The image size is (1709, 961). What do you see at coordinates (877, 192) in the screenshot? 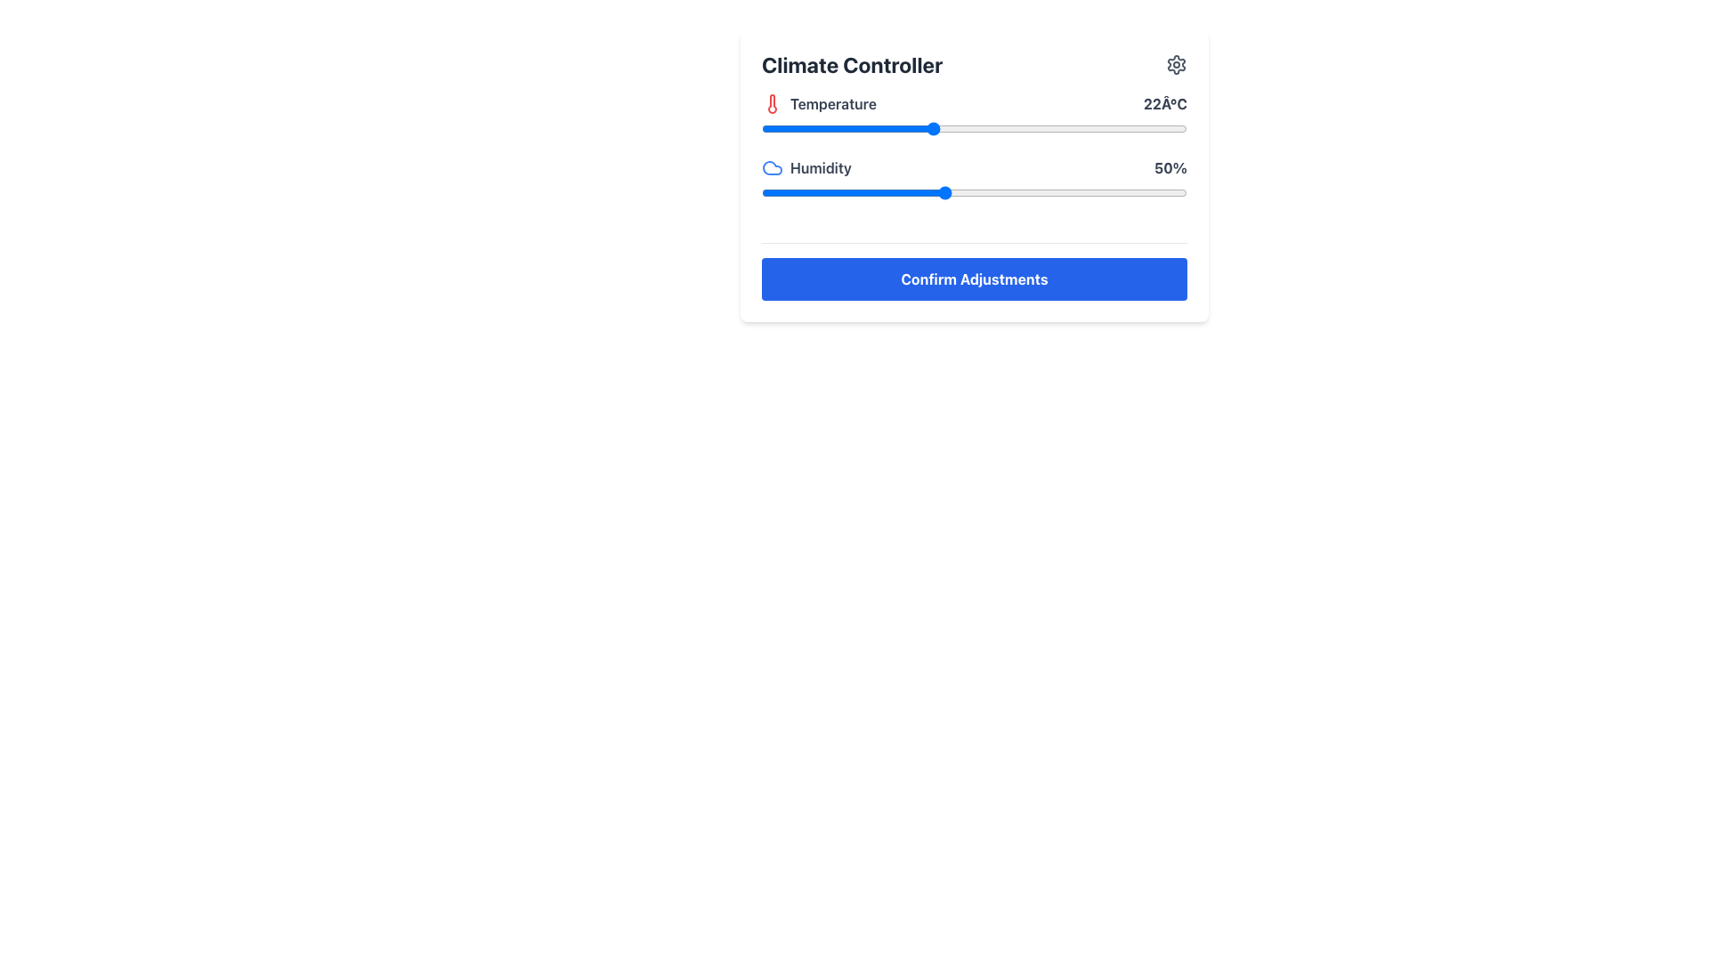
I see `the humidity` at bounding box center [877, 192].